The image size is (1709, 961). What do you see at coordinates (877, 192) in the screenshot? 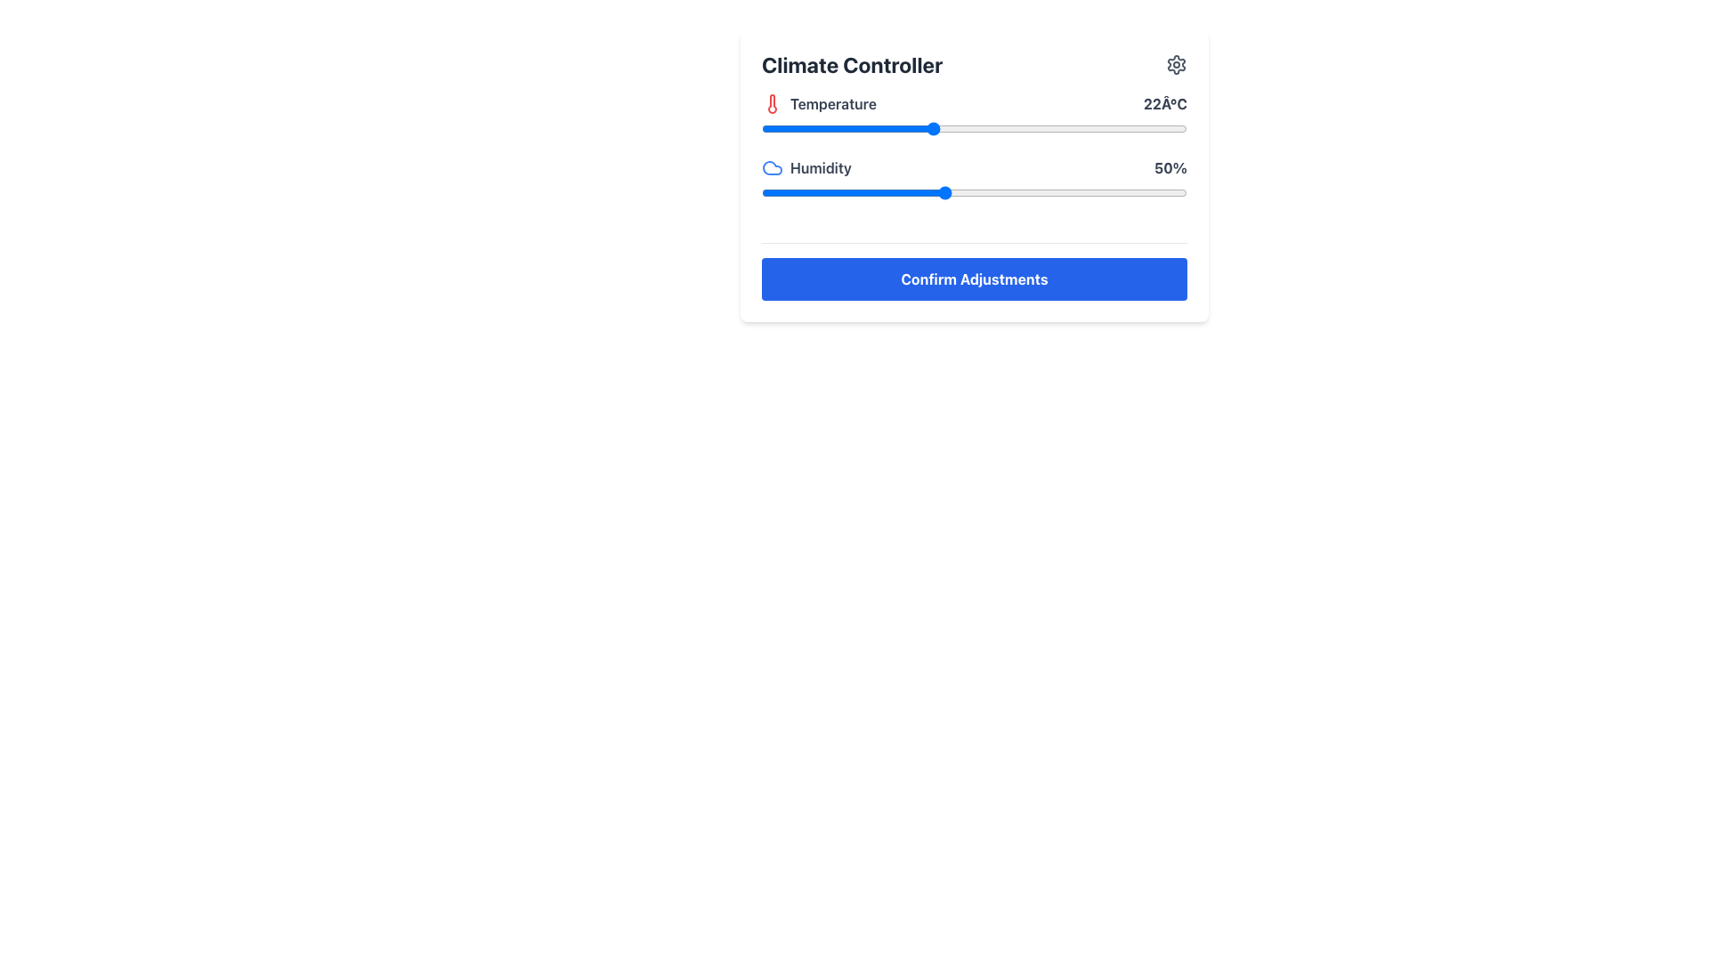
I see `the humidity` at bounding box center [877, 192].